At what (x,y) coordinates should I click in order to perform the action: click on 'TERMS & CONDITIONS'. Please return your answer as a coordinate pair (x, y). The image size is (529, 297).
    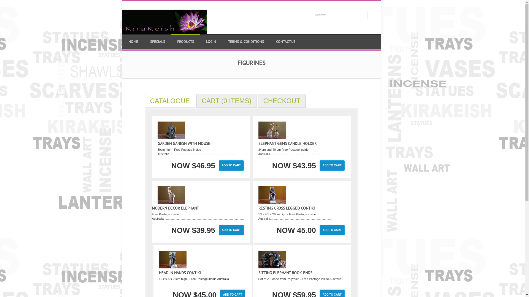
    Looking at the image, I should click on (222, 41).